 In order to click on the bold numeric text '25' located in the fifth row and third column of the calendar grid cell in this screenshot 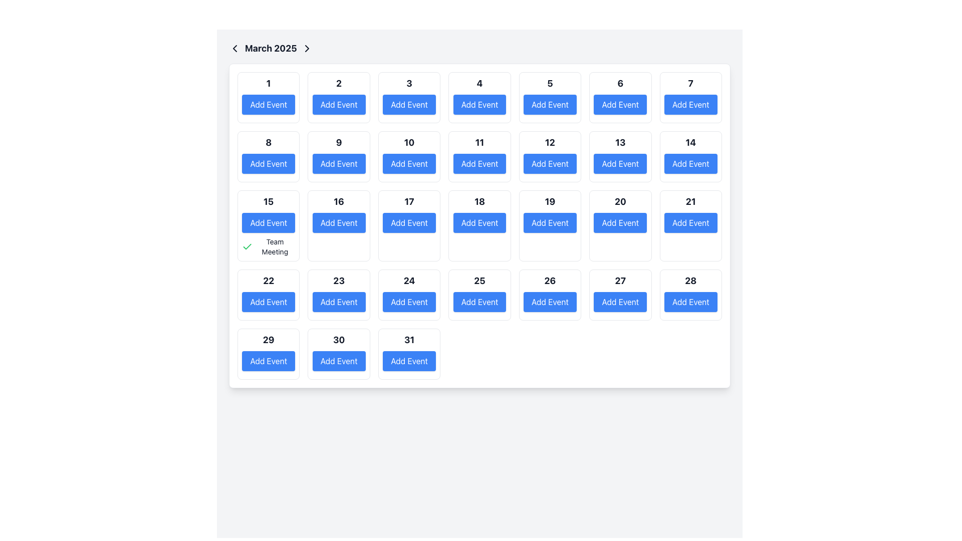, I will do `click(479, 281)`.